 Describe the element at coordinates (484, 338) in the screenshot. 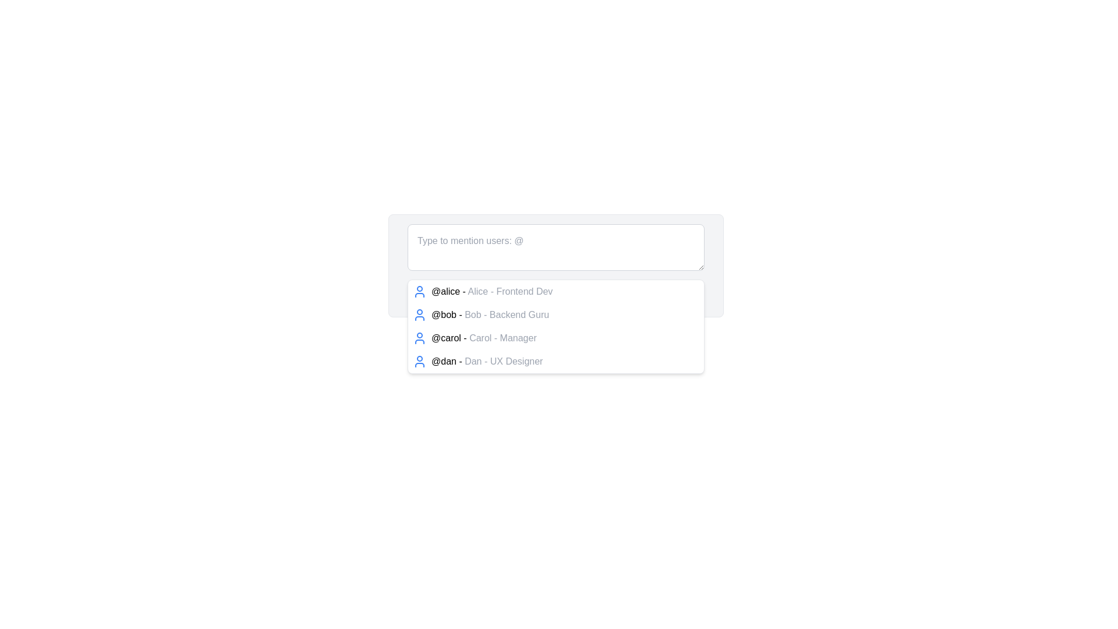

I see `the user mention text label located in the third position of the dropdown list` at that location.